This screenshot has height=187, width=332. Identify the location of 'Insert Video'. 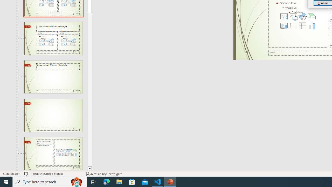
(293, 26).